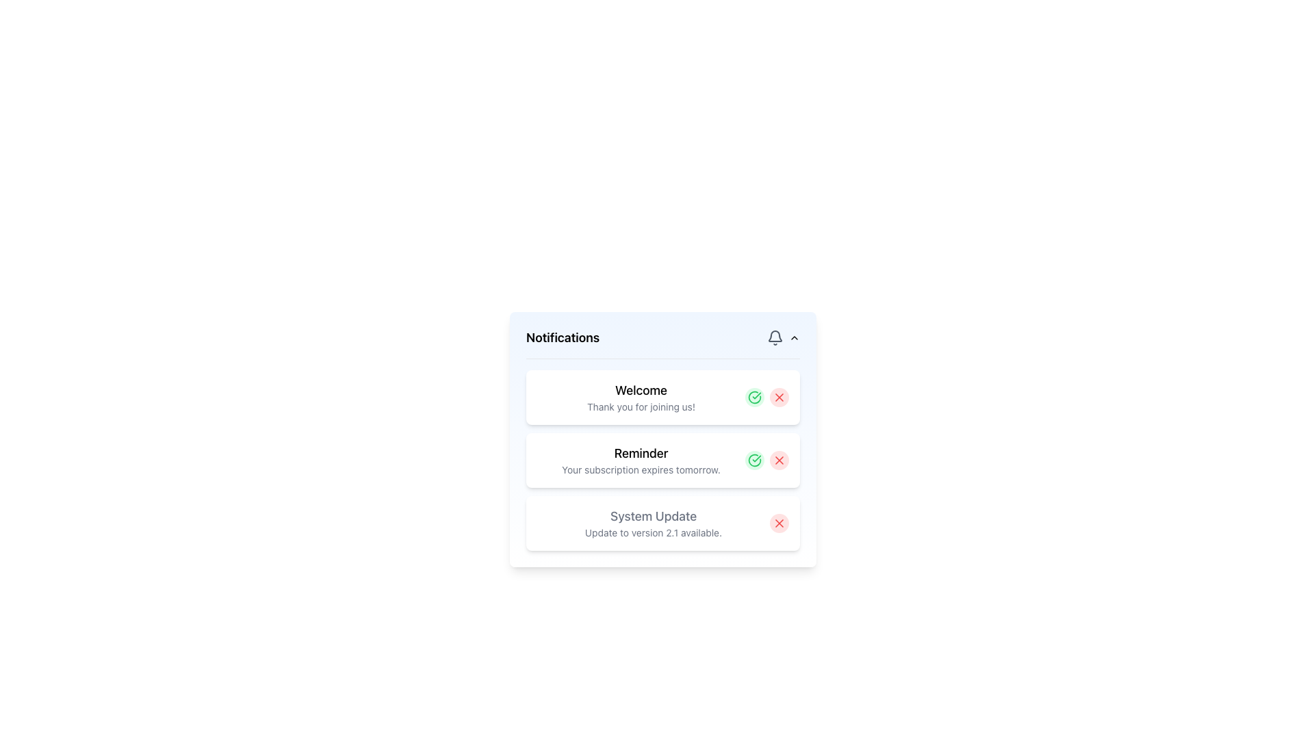 The image size is (1314, 739). Describe the element at coordinates (754, 460) in the screenshot. I see `the confirmation icon located to the right of the 'Reminder' notification text to confirm the notification` at that location.